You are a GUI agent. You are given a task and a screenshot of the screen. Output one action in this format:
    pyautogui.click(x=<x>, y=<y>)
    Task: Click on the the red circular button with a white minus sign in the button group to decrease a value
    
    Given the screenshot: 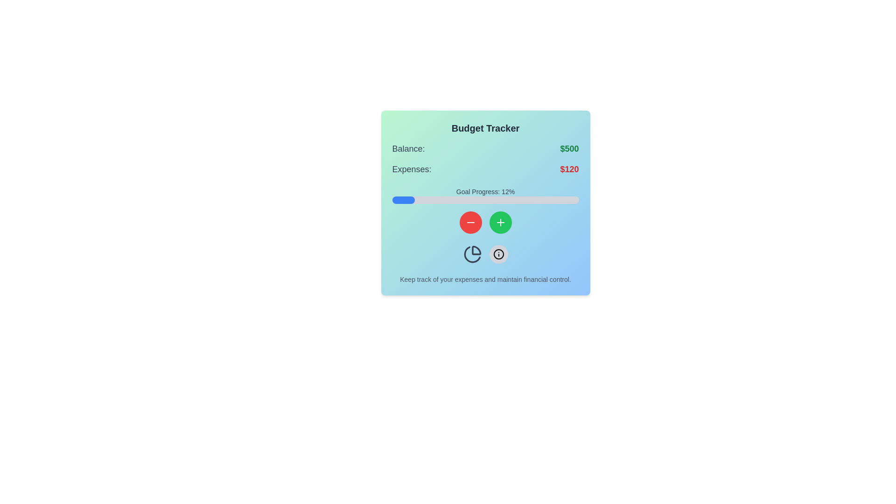 What is the action you would take?
    pyautogui.click(x=485, y=223)
    